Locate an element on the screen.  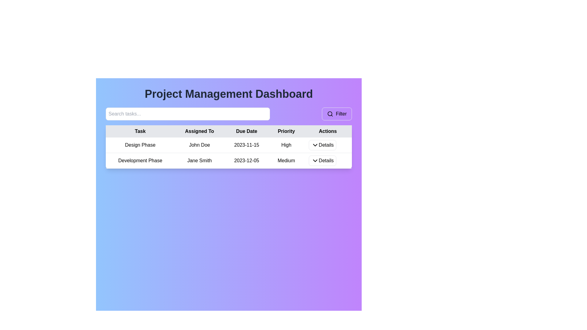
the second button in the 'Actions' column of the table is located at coordinates (322, 160).